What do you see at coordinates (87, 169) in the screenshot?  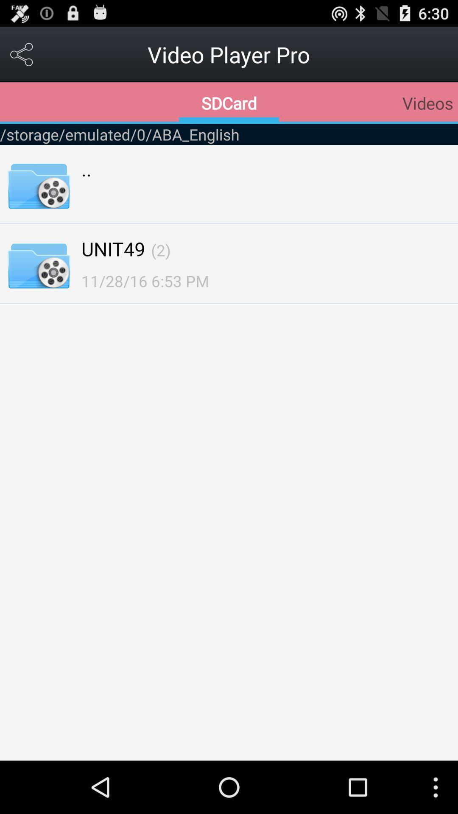 I see `..` at bounding box center [87, 169].